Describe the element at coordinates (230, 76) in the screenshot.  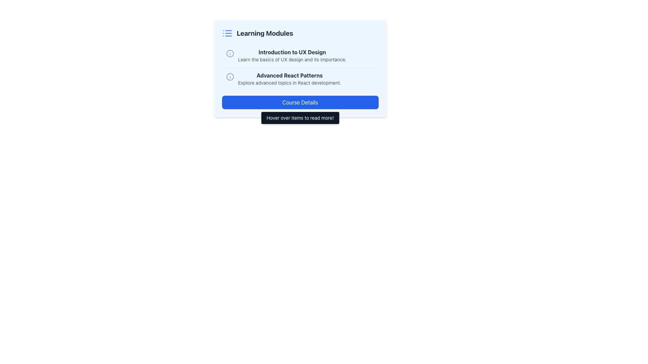
I see `the information icon, which is a gray circle with an 'i' symbol, located to the left of the text 'Advanced React Patterns' in the 'Learning Modules' section` at that location.